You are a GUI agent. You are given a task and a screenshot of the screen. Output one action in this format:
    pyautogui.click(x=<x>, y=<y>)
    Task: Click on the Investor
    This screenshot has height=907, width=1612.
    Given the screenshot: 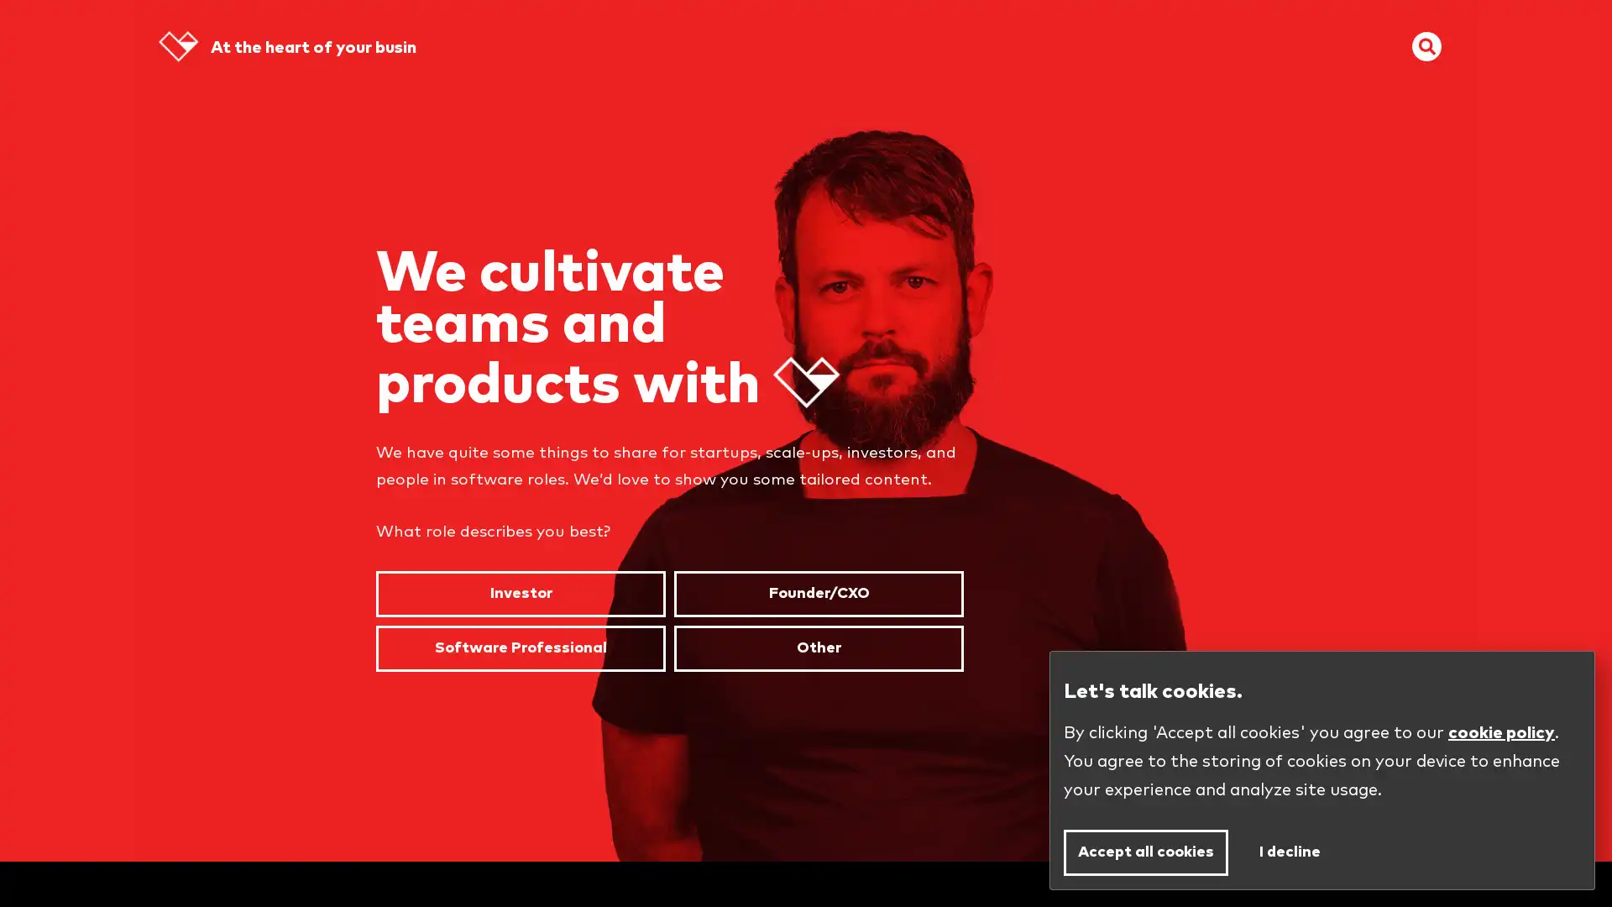 What is the action you would take?
    pyautogui.click(x=520, y=593)
    